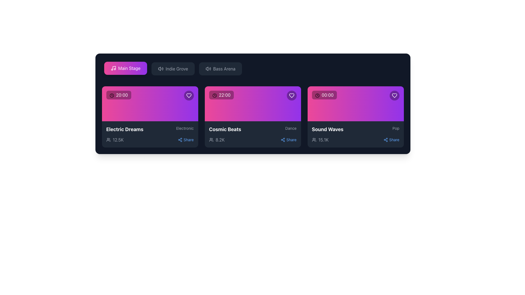 The image size is (525, 295). Describe the element at coordinates (394, 95) in the screenshot. I see `the heart icon located in the top-right corner of the 'Sound Waves' card to possibly trigger a tooltip or style change` at that location.